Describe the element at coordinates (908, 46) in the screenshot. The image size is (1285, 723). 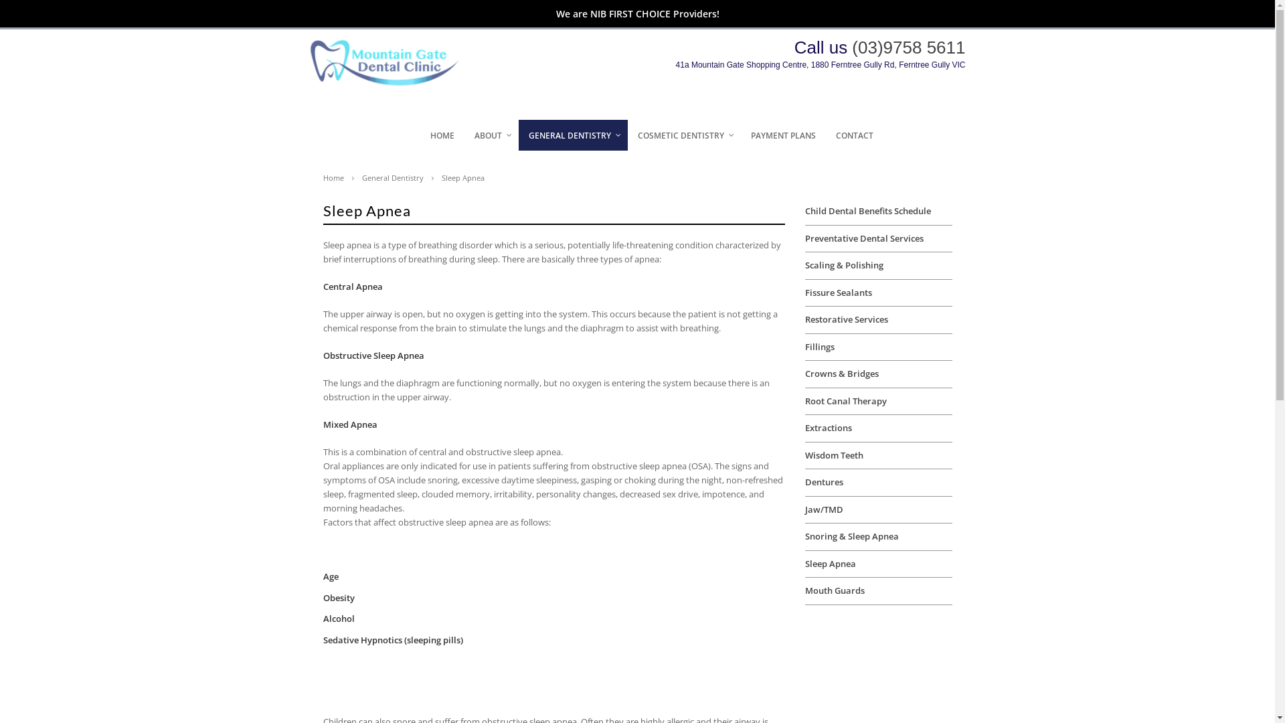
I see `'(03)9758 5611'` at that location.